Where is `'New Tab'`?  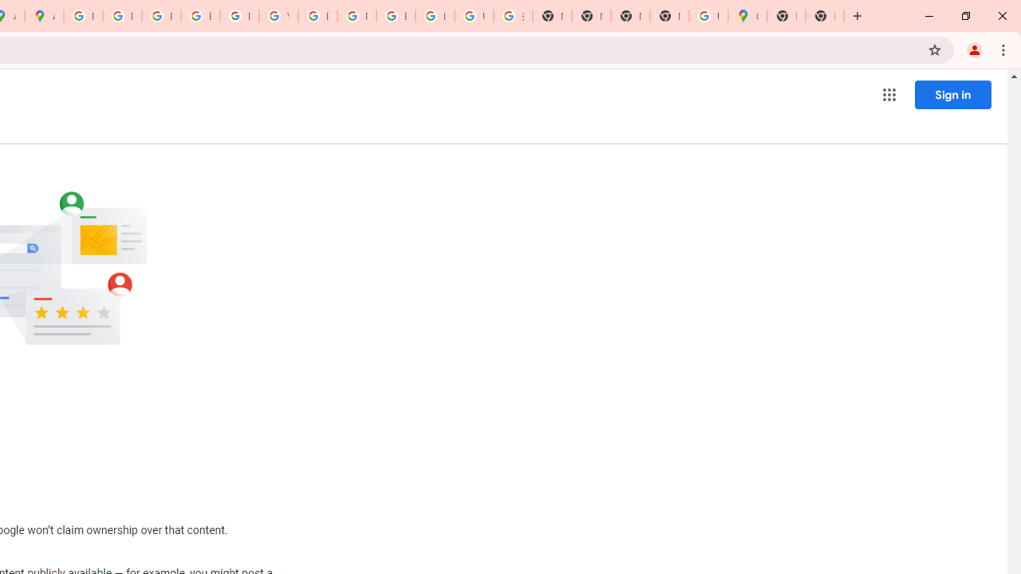 'New Tab' is located at coordinates (786, 16).